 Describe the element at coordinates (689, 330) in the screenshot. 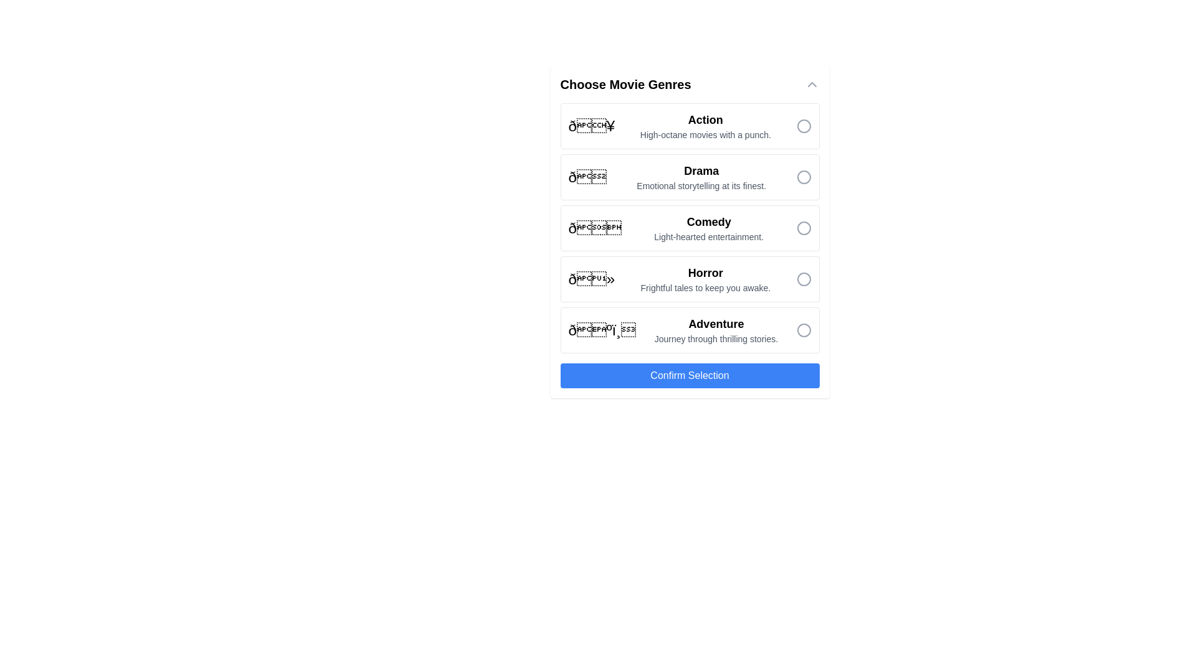

I see `the 'Adventure' movie genre radio button card` at that location.